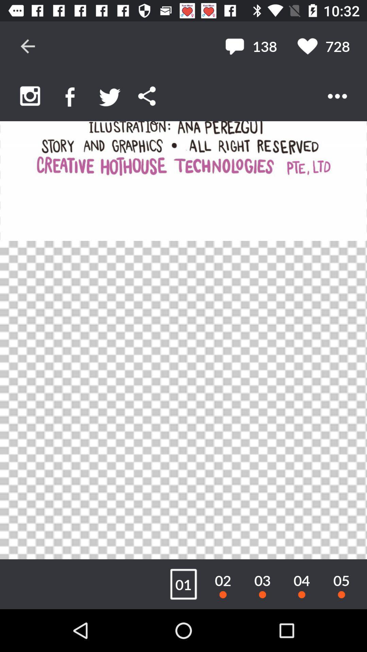  Describe the element at coordinates (27, 46) in the screenshot. I see `go back` at that location.